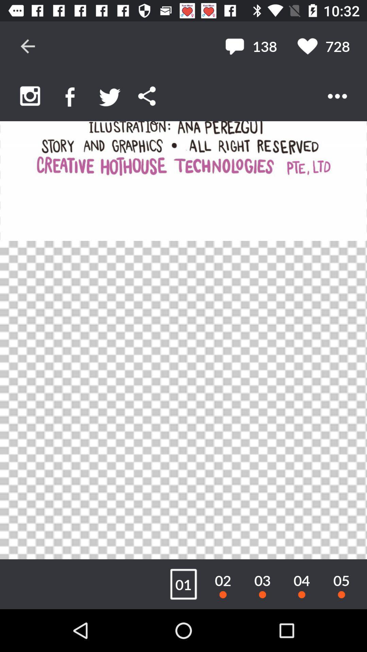  Describe the element at coordinates (27, 46) in the screenshot. I see `go back` at that location.